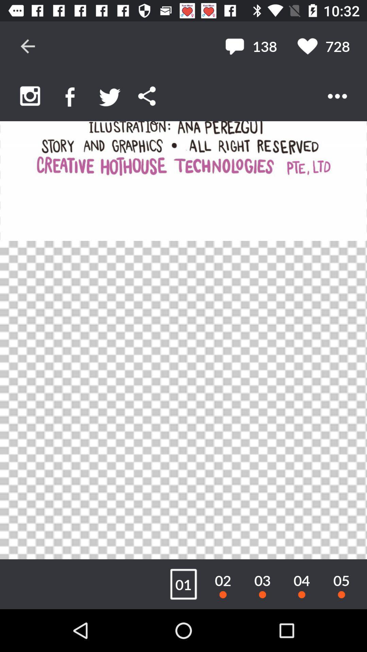  Describe the element at coordinates (27, 46) in the screenshot. I see `go back` at that location.